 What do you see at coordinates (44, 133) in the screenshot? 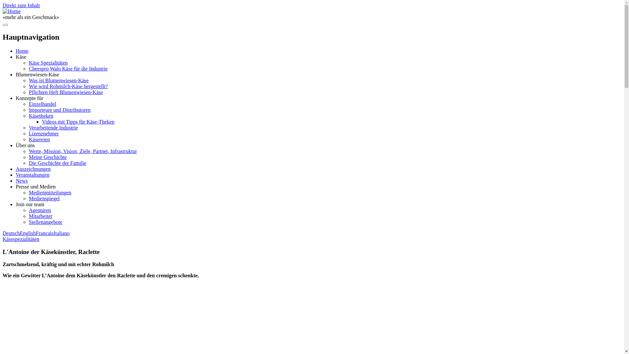
I see `'Lizenznehmer'` at bounding box center [44, 133].